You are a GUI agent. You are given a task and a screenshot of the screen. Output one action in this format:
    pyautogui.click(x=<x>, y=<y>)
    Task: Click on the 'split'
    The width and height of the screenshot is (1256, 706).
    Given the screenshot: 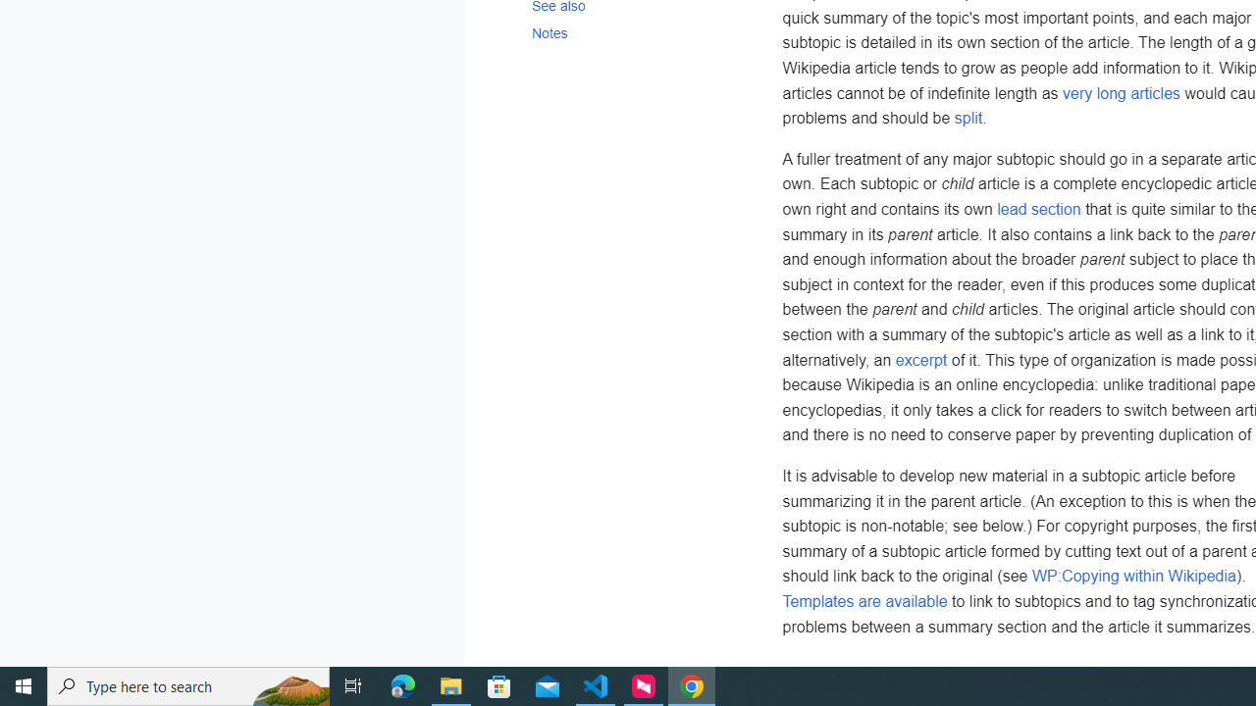 What is the action you would take?
    pyautogui.click(x=968, y=119)
    